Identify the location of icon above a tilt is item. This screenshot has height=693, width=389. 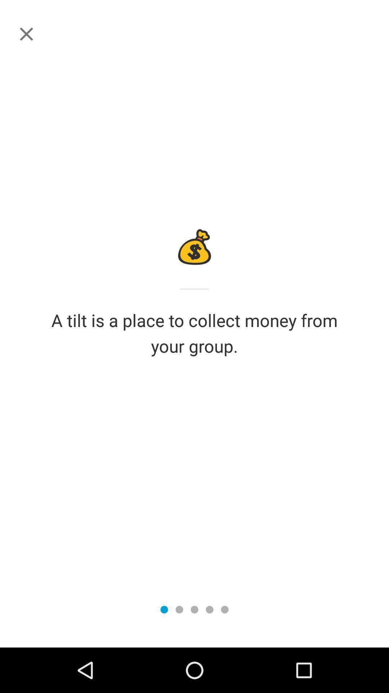
(26, 34).